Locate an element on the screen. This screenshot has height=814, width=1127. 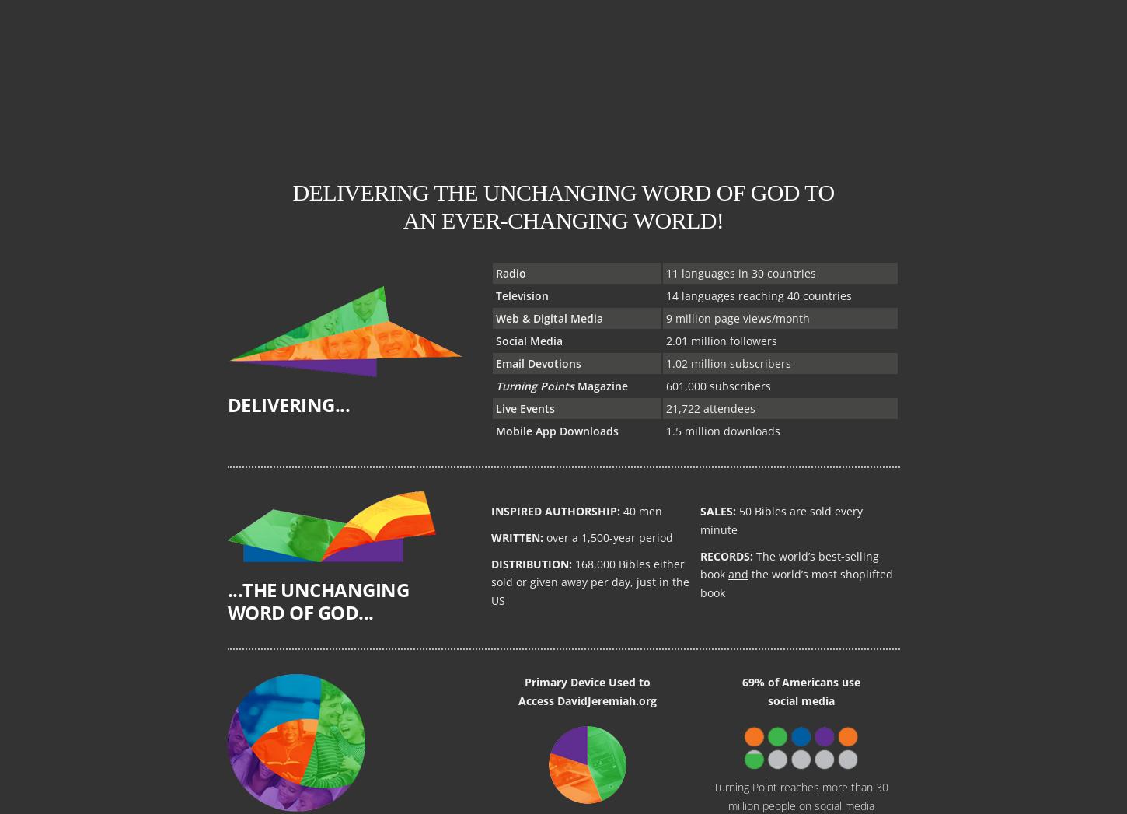
'40 men' is located at coordinates (640, 511).